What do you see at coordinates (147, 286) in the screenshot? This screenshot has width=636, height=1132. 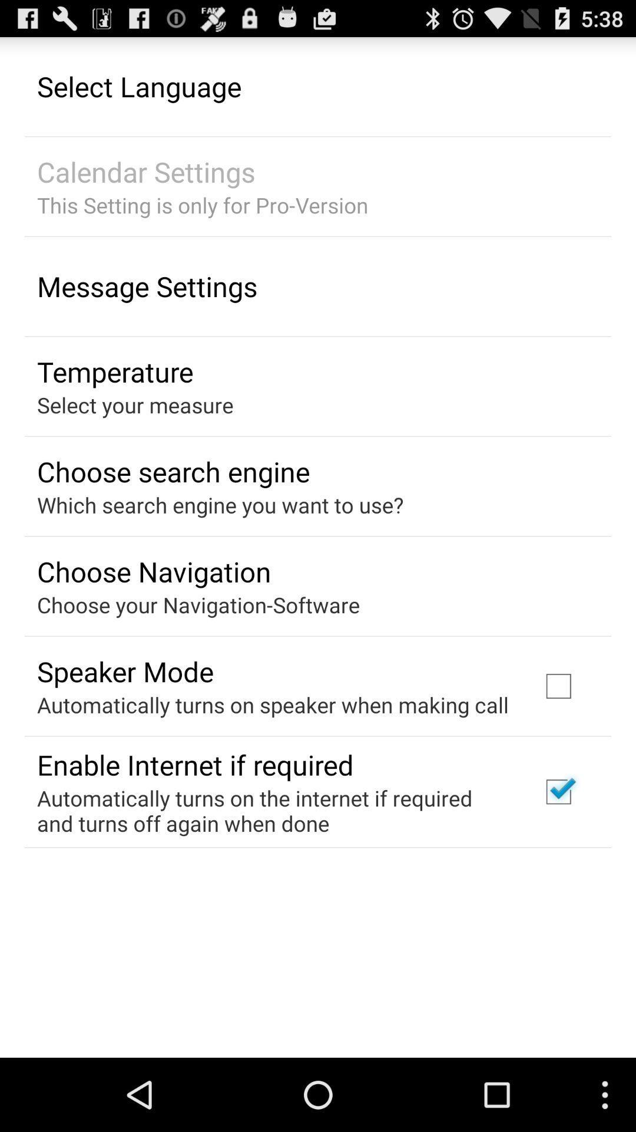 I see `the item above the temperature` at bounding box center [147, 286].